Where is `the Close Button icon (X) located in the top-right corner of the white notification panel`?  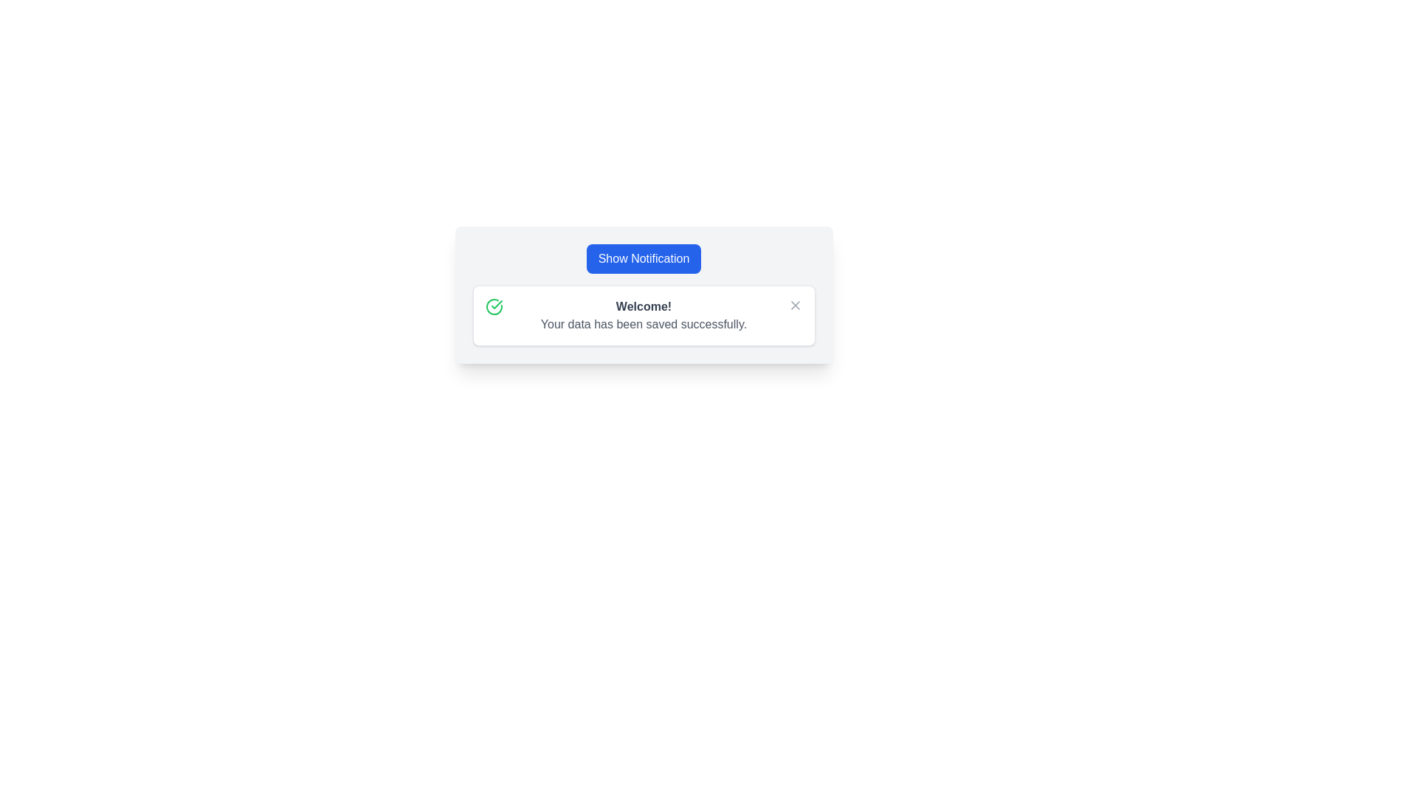 the Close Button icon (X) located in the top-right corner of the white notification panel is located at coordinates (794, 304).